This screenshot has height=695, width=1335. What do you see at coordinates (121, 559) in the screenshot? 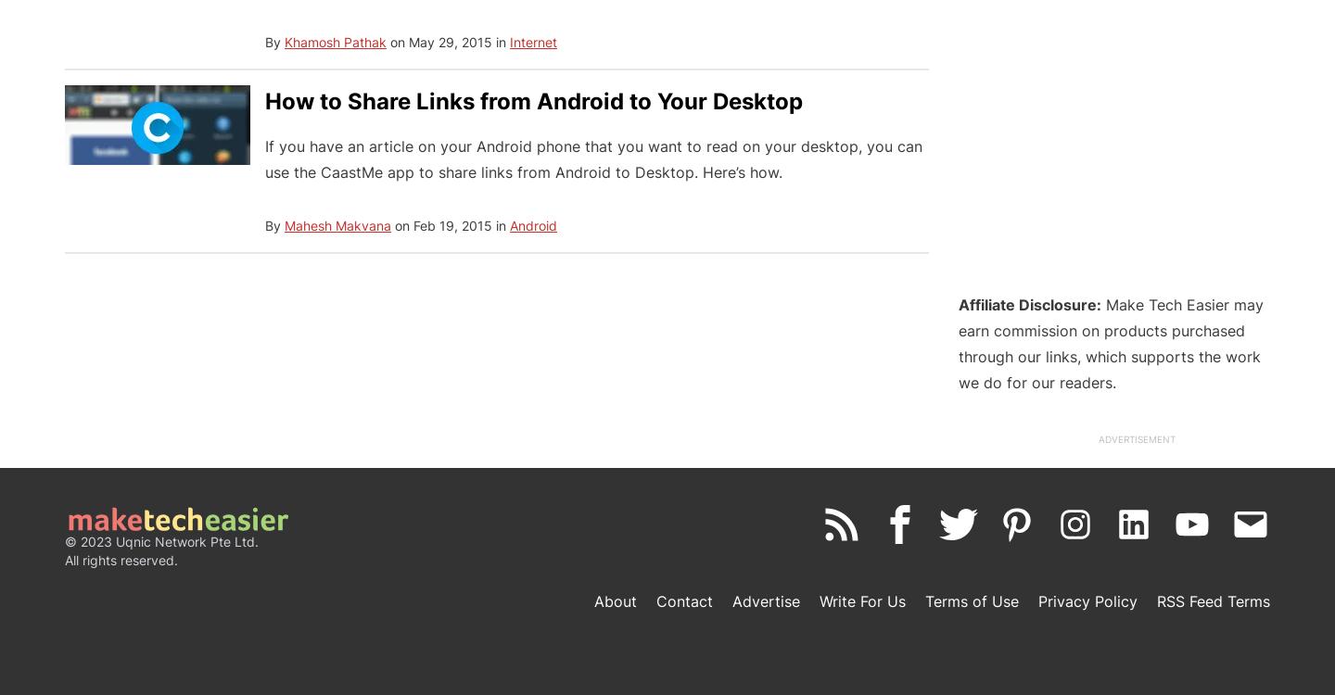
I see `'All rights reserved.'` at bounding box center [121, 559].